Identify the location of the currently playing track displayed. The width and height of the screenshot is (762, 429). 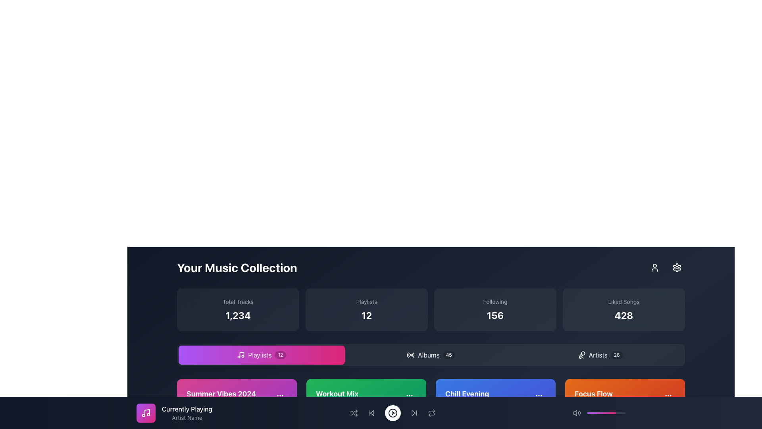
(187, 413).